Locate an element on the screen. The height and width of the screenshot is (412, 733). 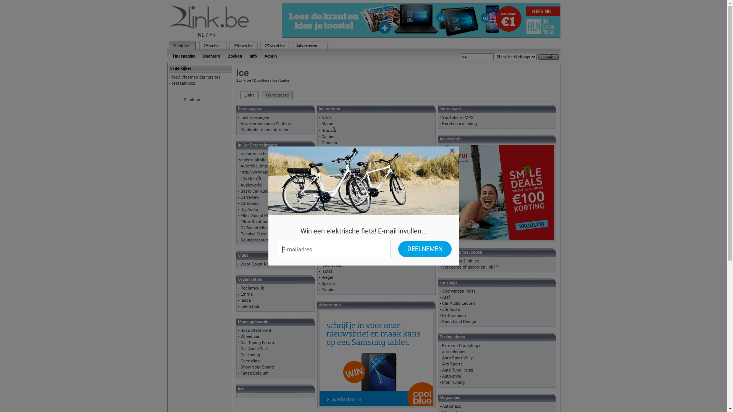
'auto chippen' is located at coordinates (454, 352).